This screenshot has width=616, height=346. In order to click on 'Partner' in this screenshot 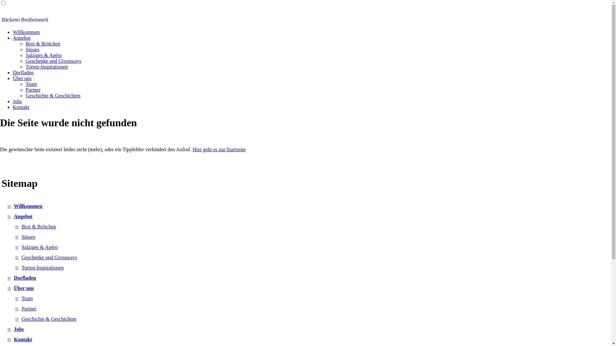, I will do `click(26, 90)`.